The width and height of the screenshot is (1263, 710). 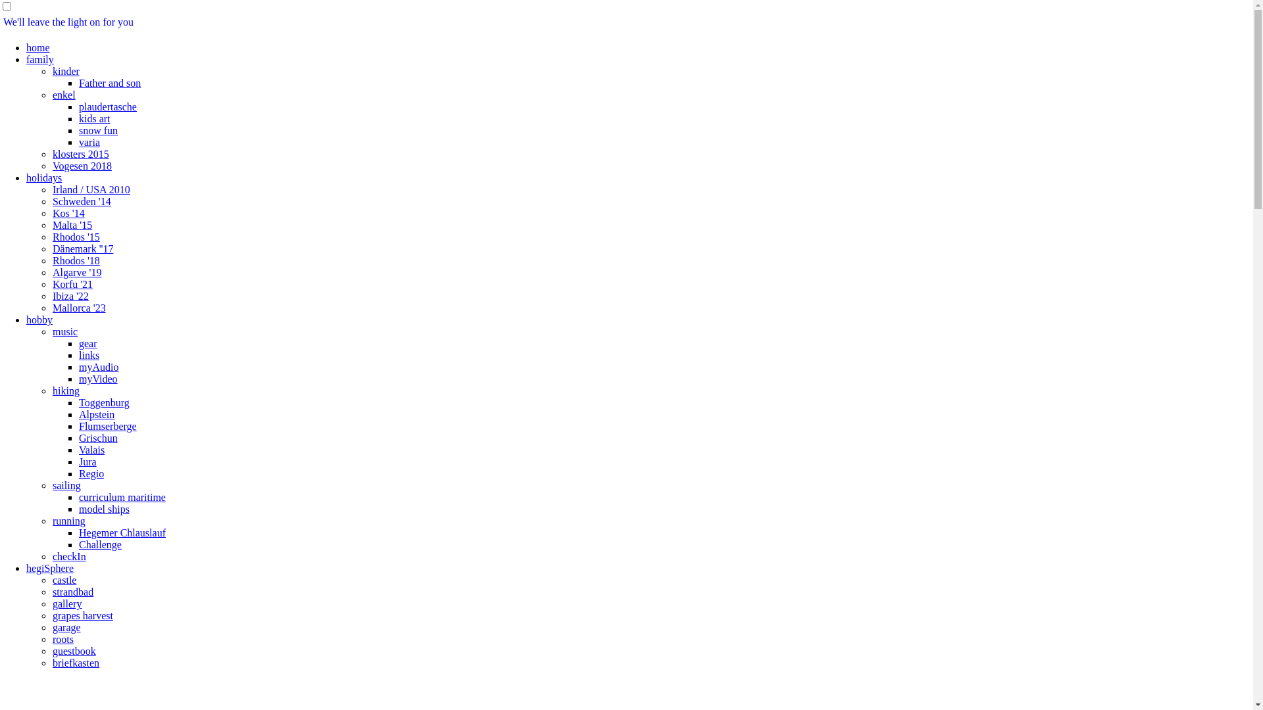 What do you see at coordinates (65, 71) in the screenshot?
I see `'kinder'` at bounding box center [65, 71].